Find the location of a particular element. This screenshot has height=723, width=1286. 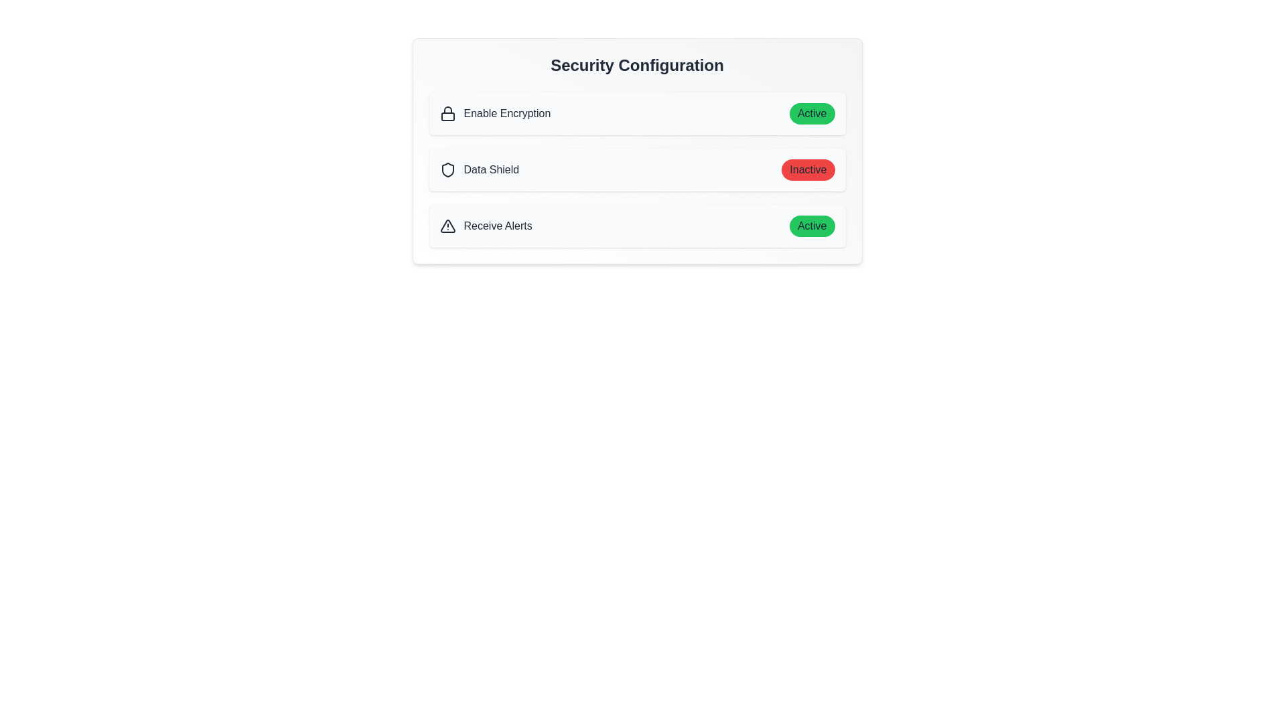

the third label with an icon in the 'Security Configuration' section, which describes a security feature and is adjacent to a green status label marked 'Active' is located at coordinates (485, 226).